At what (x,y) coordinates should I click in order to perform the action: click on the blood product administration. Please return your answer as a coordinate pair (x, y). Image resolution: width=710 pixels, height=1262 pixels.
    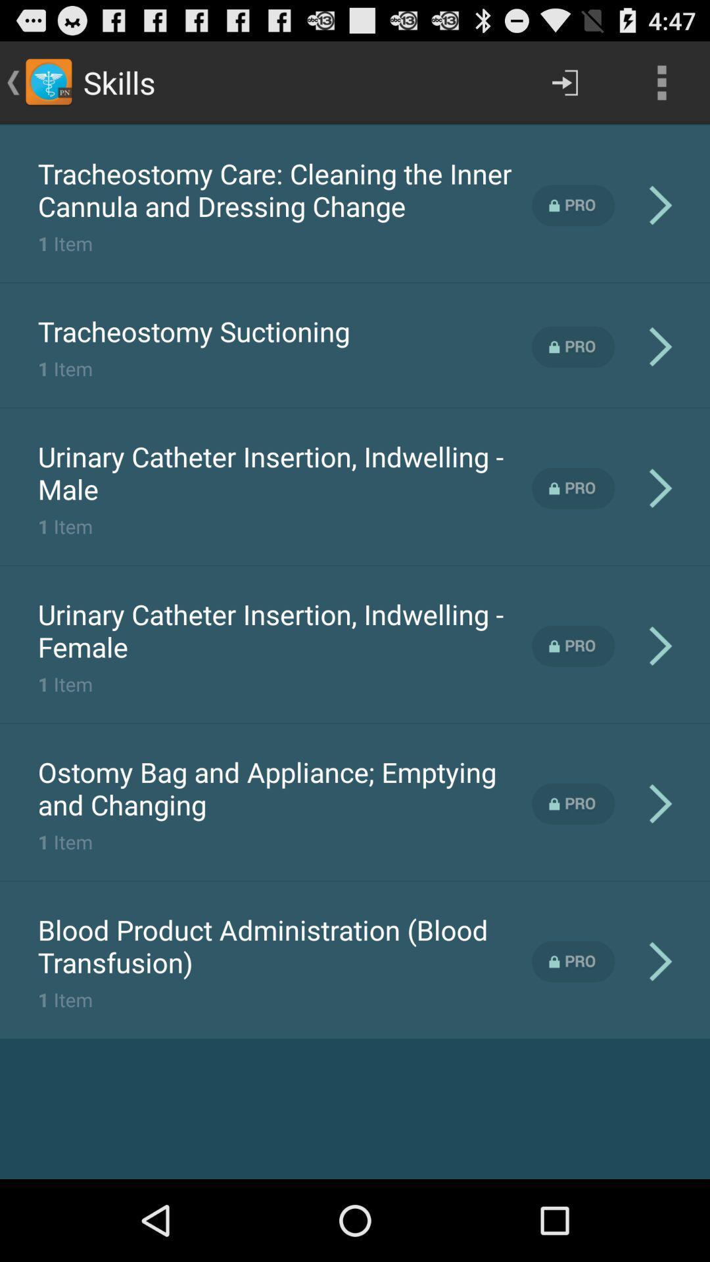
    Looking at the image, I should click on (284, 945).